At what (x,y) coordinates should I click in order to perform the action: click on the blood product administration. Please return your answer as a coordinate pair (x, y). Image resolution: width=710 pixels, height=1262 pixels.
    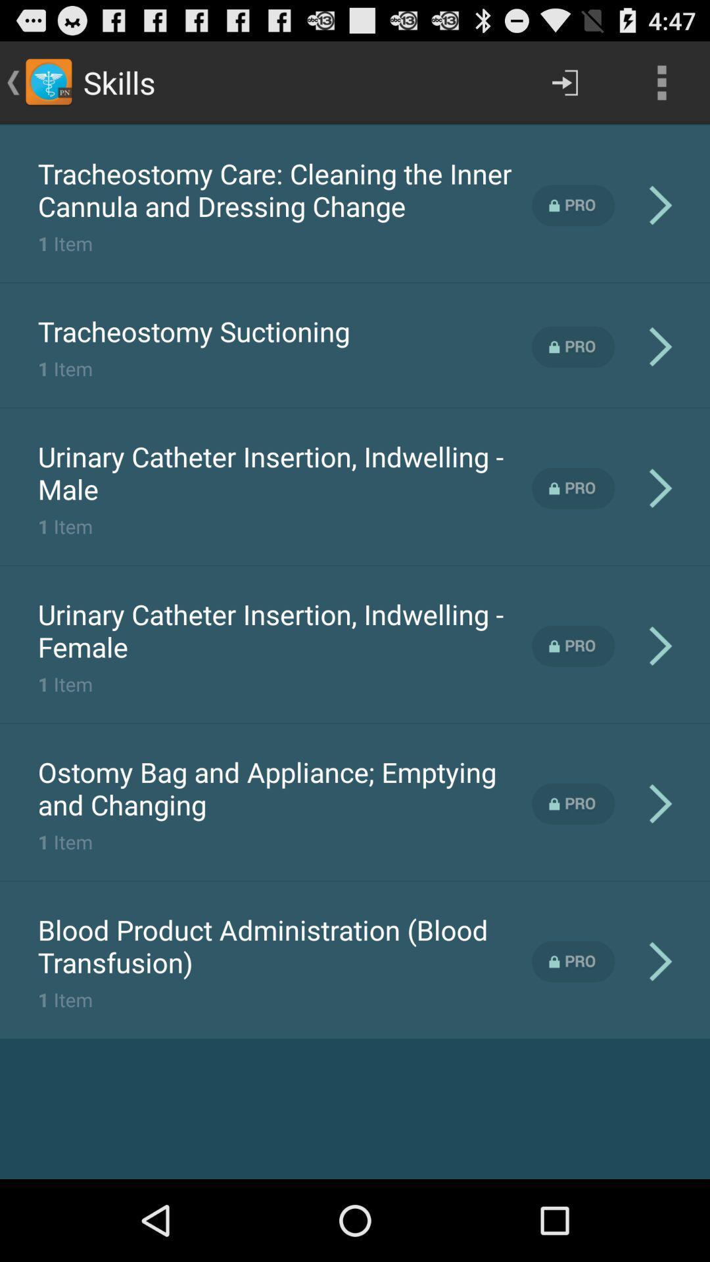
    Looking at the image, I should click on (284, 945).